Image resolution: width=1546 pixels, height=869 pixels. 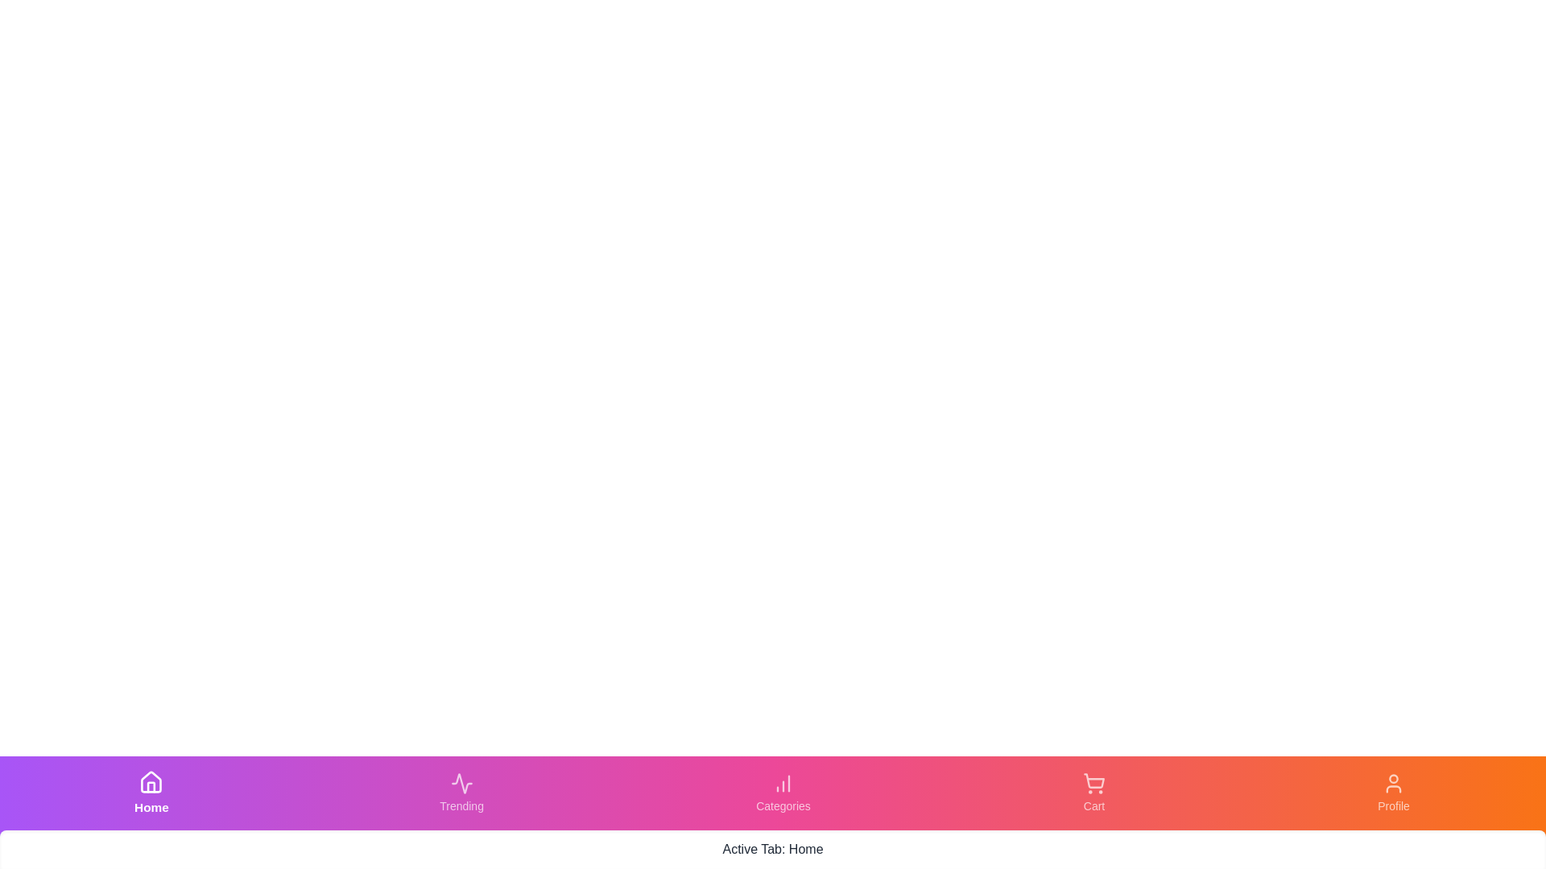 What do you see at coordinates (461, 793) in the screenshot?
I see `the Trending tab to activate it` at bounding box center [461, 793].